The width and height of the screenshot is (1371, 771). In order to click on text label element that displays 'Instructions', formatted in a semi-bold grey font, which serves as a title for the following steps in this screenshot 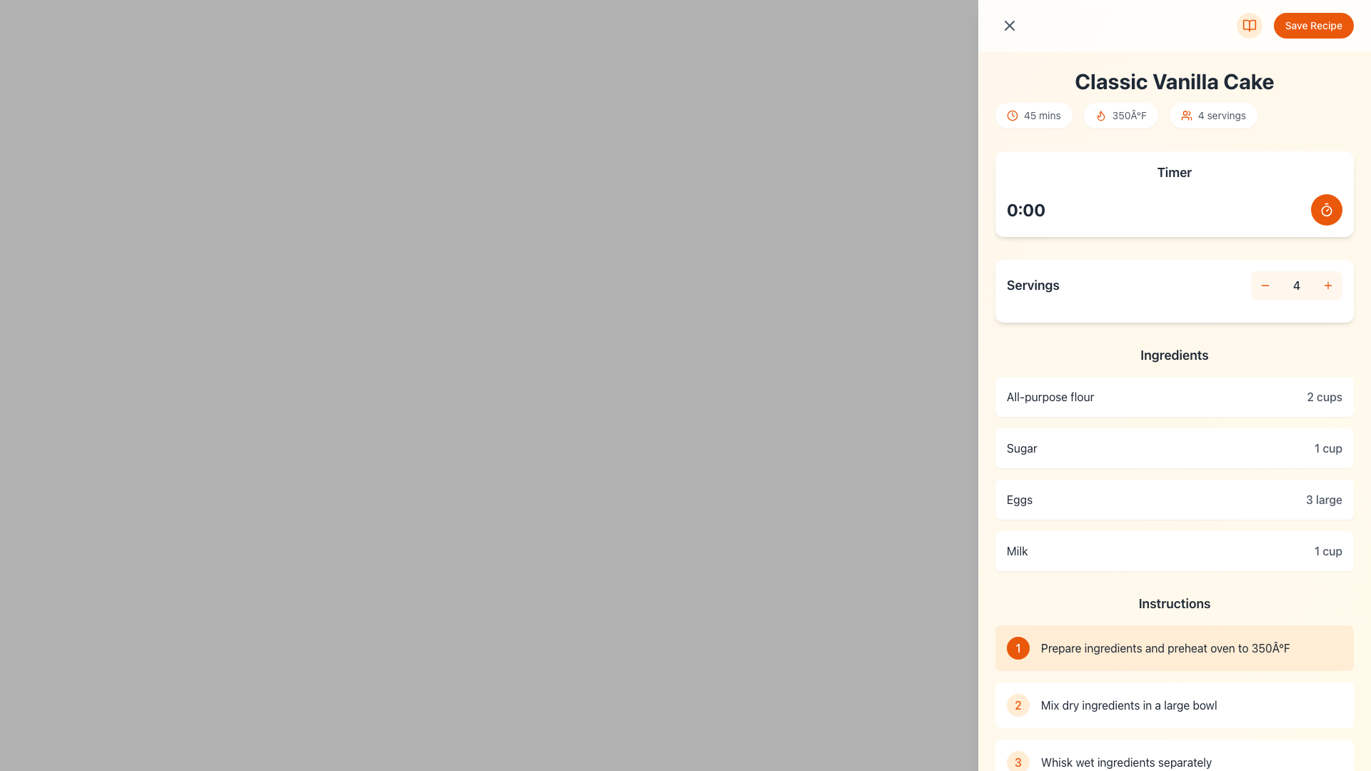, I will do `click(1175, 603)`.